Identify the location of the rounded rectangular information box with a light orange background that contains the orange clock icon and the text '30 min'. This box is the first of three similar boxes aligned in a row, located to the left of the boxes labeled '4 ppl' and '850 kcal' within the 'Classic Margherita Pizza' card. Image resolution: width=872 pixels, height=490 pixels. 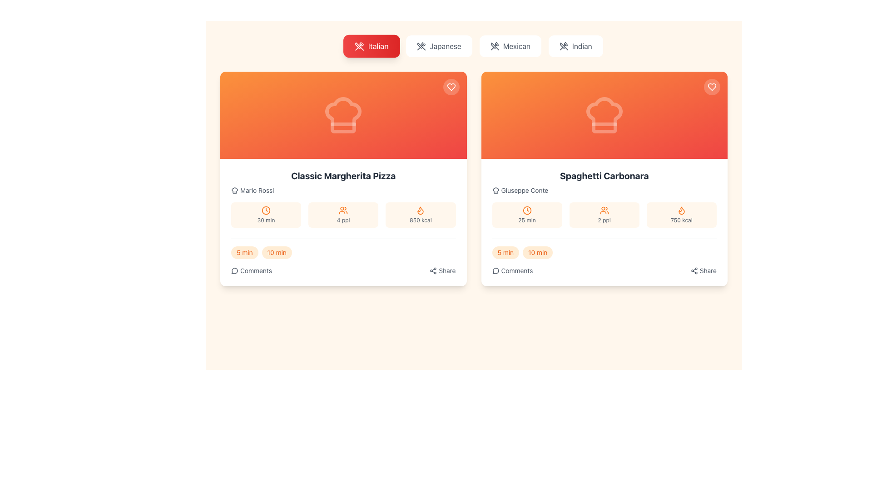
(266, 215).